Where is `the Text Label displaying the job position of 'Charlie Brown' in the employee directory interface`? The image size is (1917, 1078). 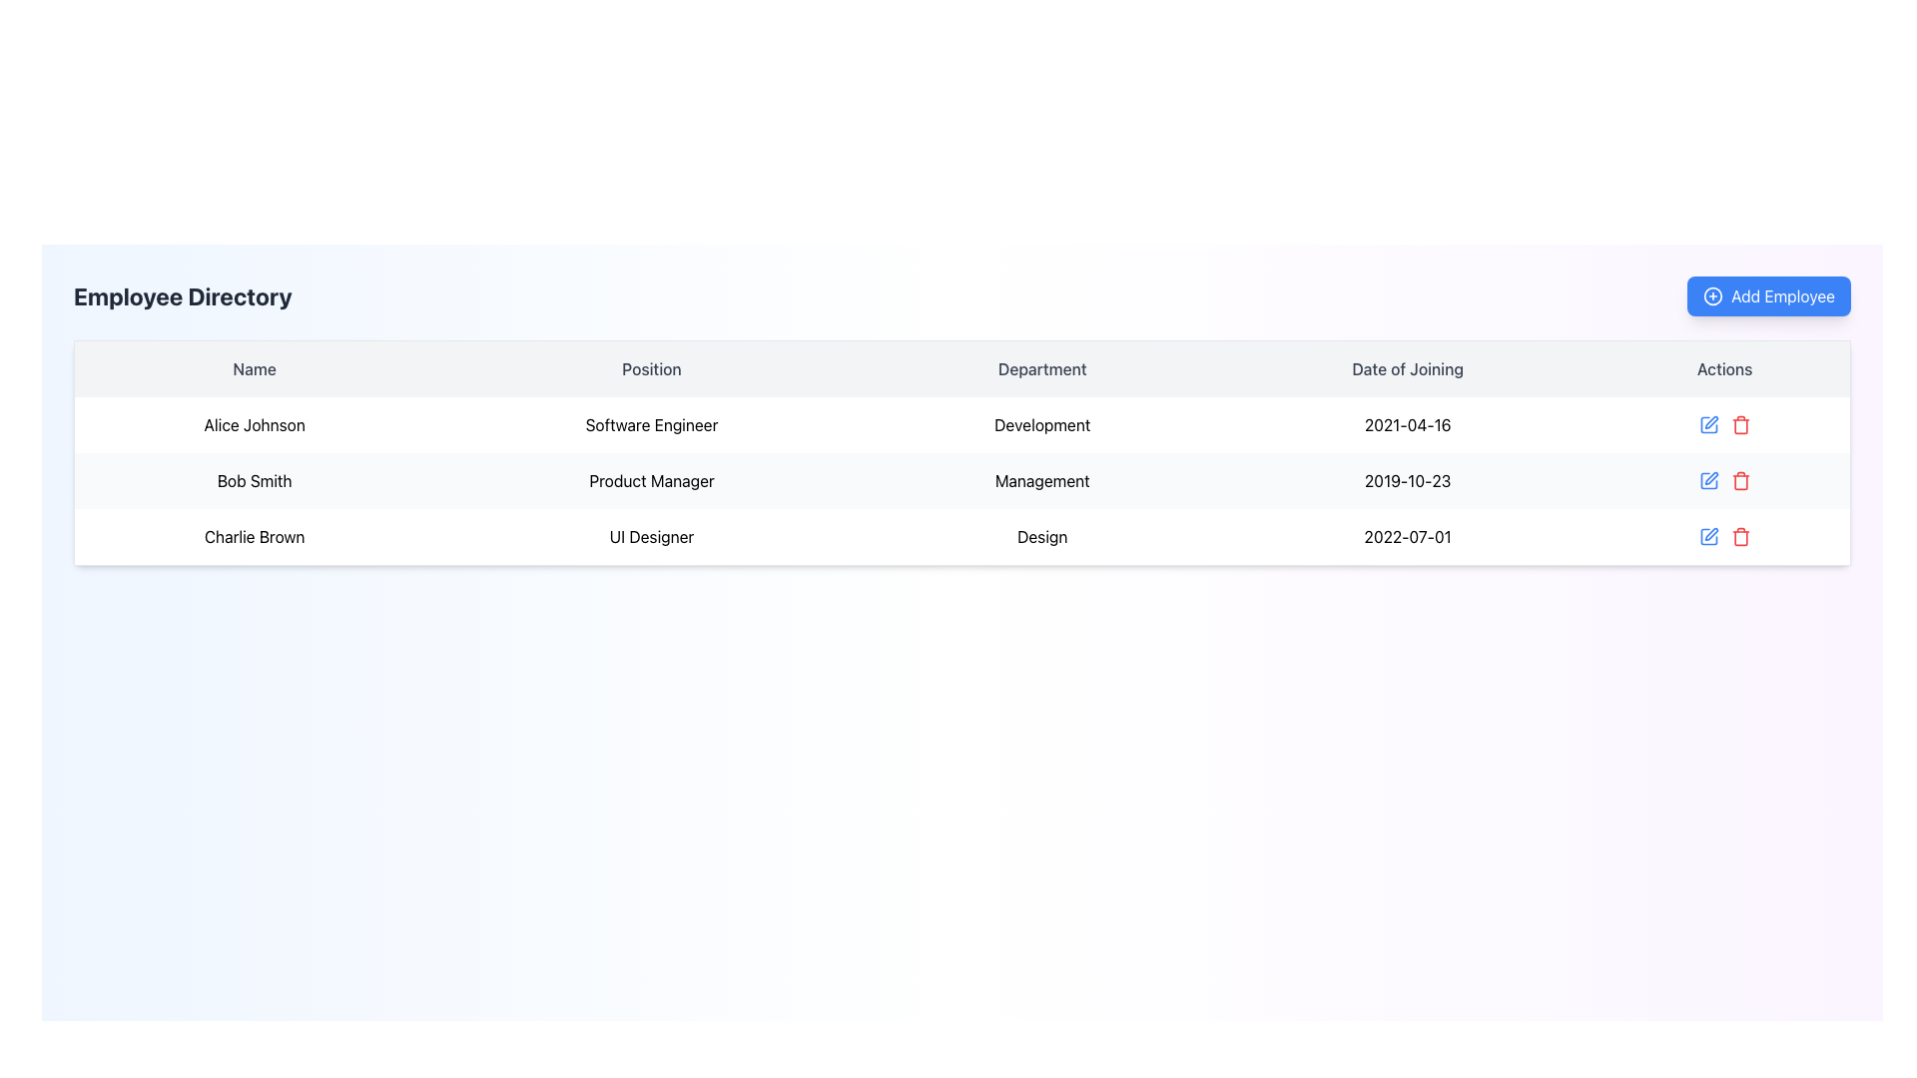 the Text Label displaying the job position of 'Charlie Brown' in the employee directory interface is located at coordinates (651, 536).